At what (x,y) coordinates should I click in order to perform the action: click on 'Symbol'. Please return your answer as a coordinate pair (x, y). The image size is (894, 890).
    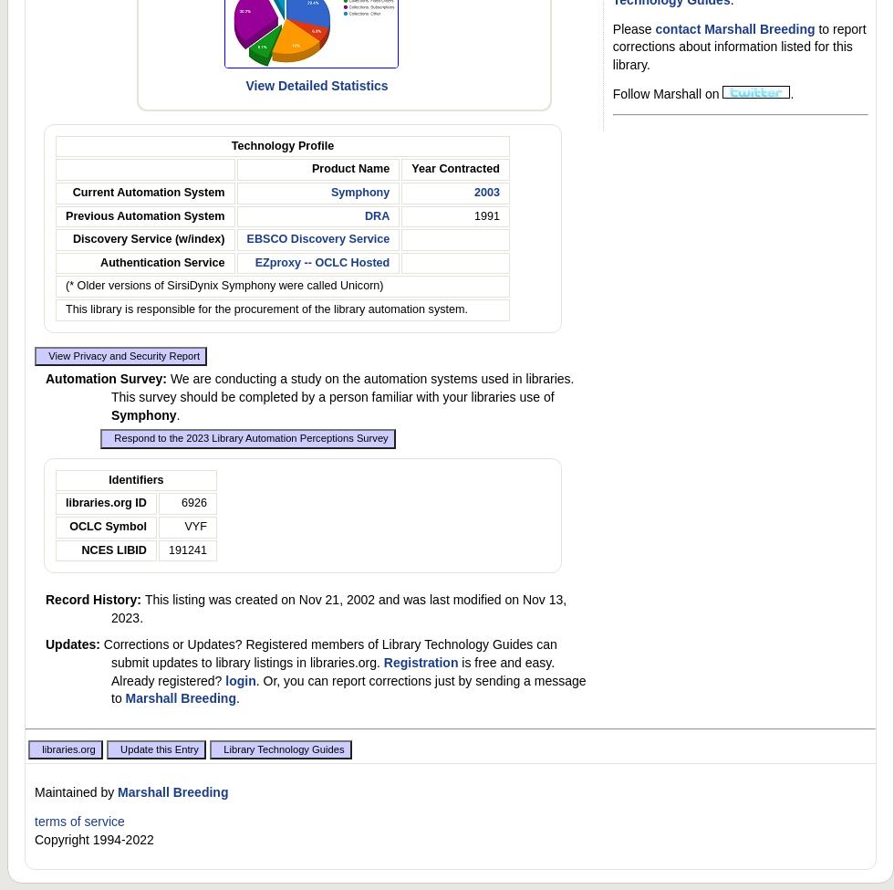
    Looking at the image, I should click on (123, 526).